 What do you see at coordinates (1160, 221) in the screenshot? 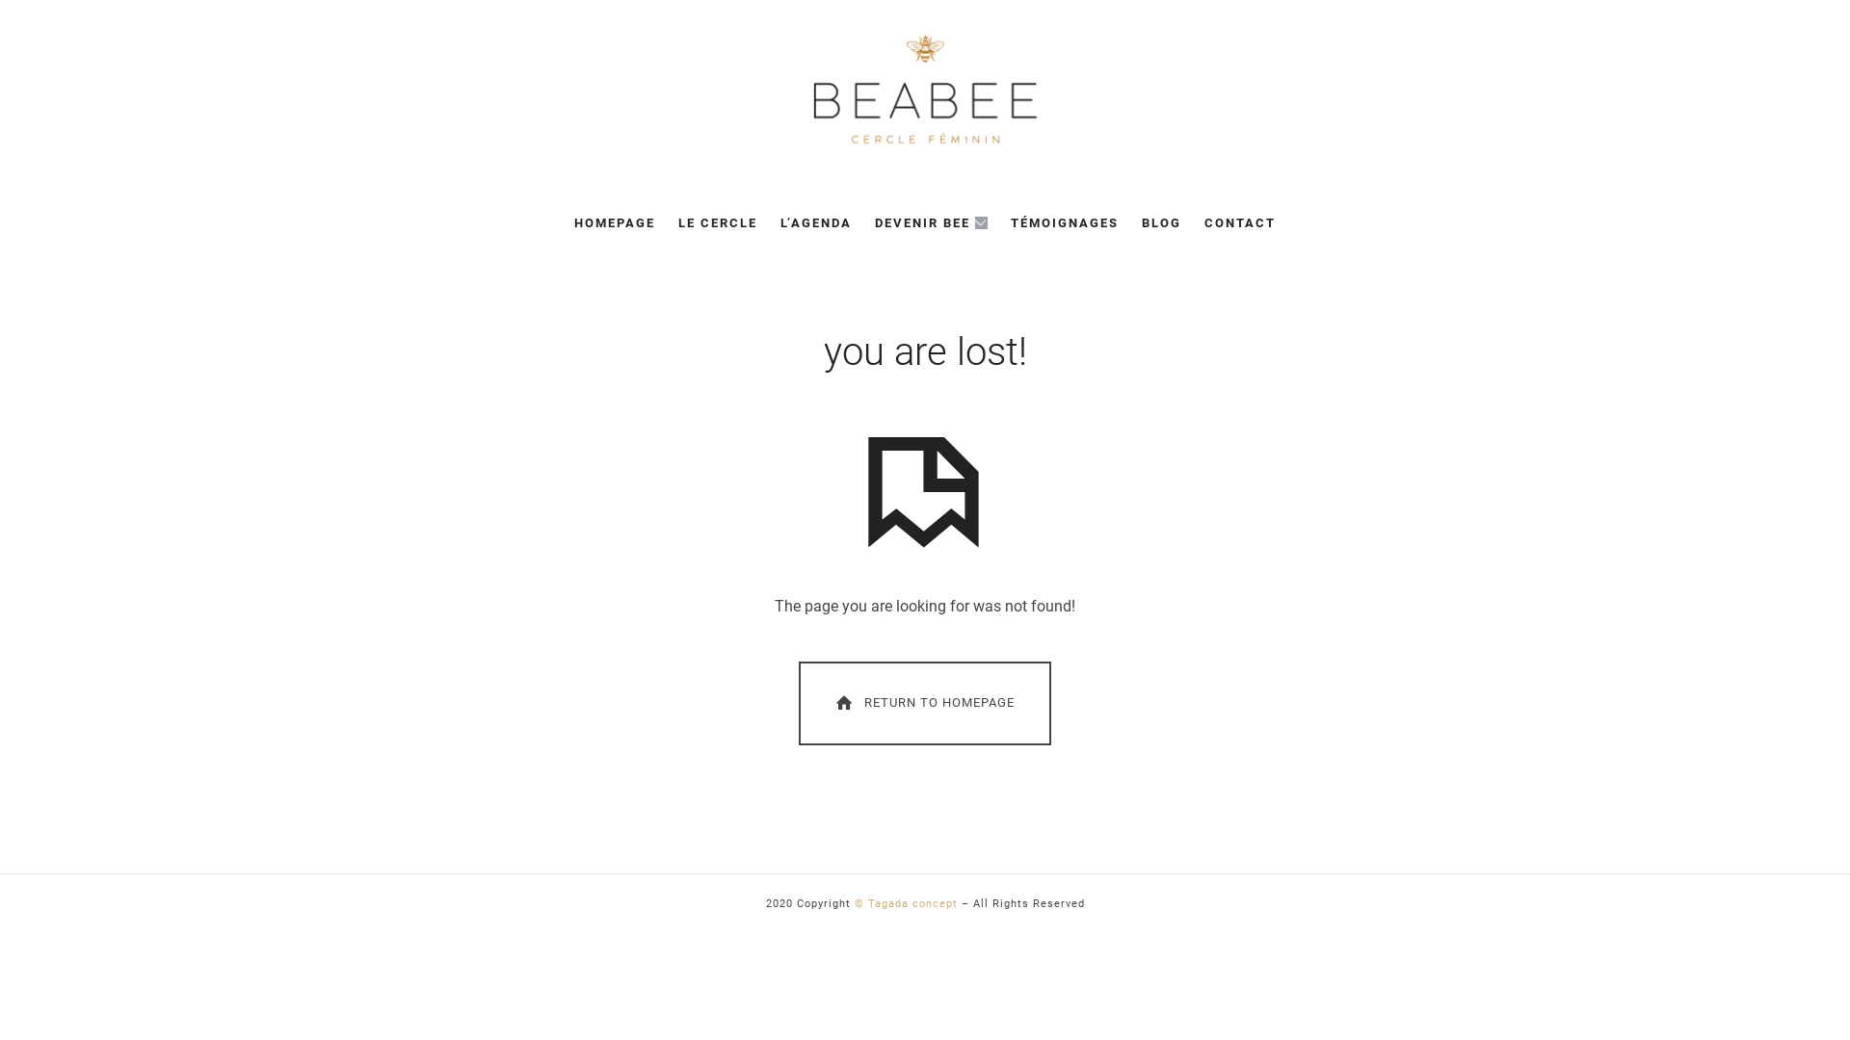
I see `'BLOG'` at bounding box center [1160, 221].